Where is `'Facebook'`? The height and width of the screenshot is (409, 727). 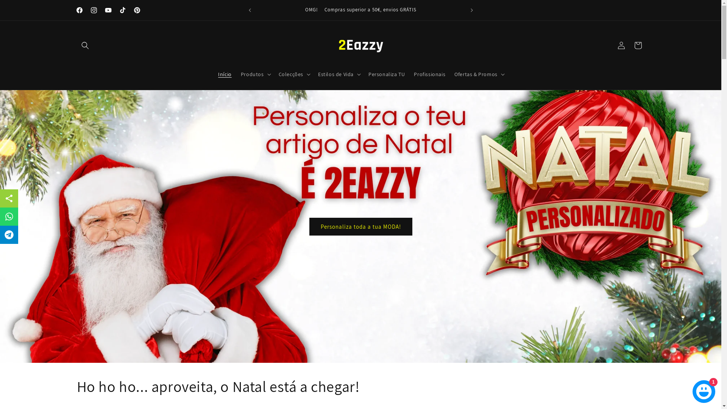
'Facebook' is located at coordinates (79, 10).